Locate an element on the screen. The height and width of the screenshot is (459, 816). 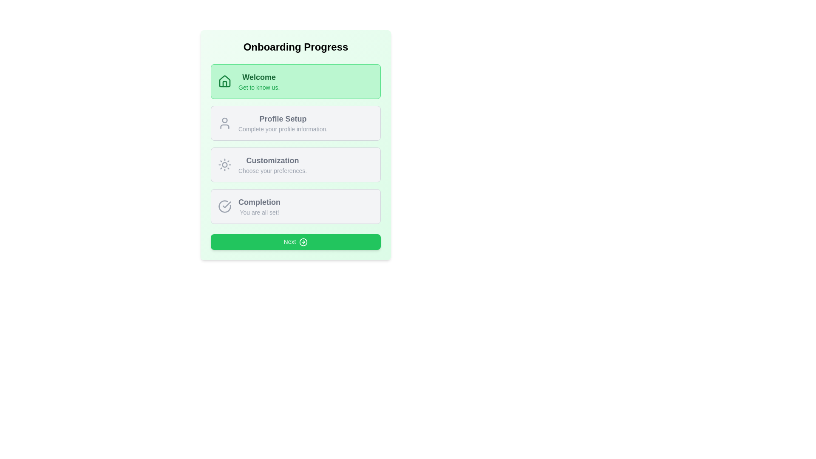
the 'Profile Setup' text label, which is a bold, gray heading-like text element located in the middle of the onboarding card's vertical stack is located at coordinates (283, 119).